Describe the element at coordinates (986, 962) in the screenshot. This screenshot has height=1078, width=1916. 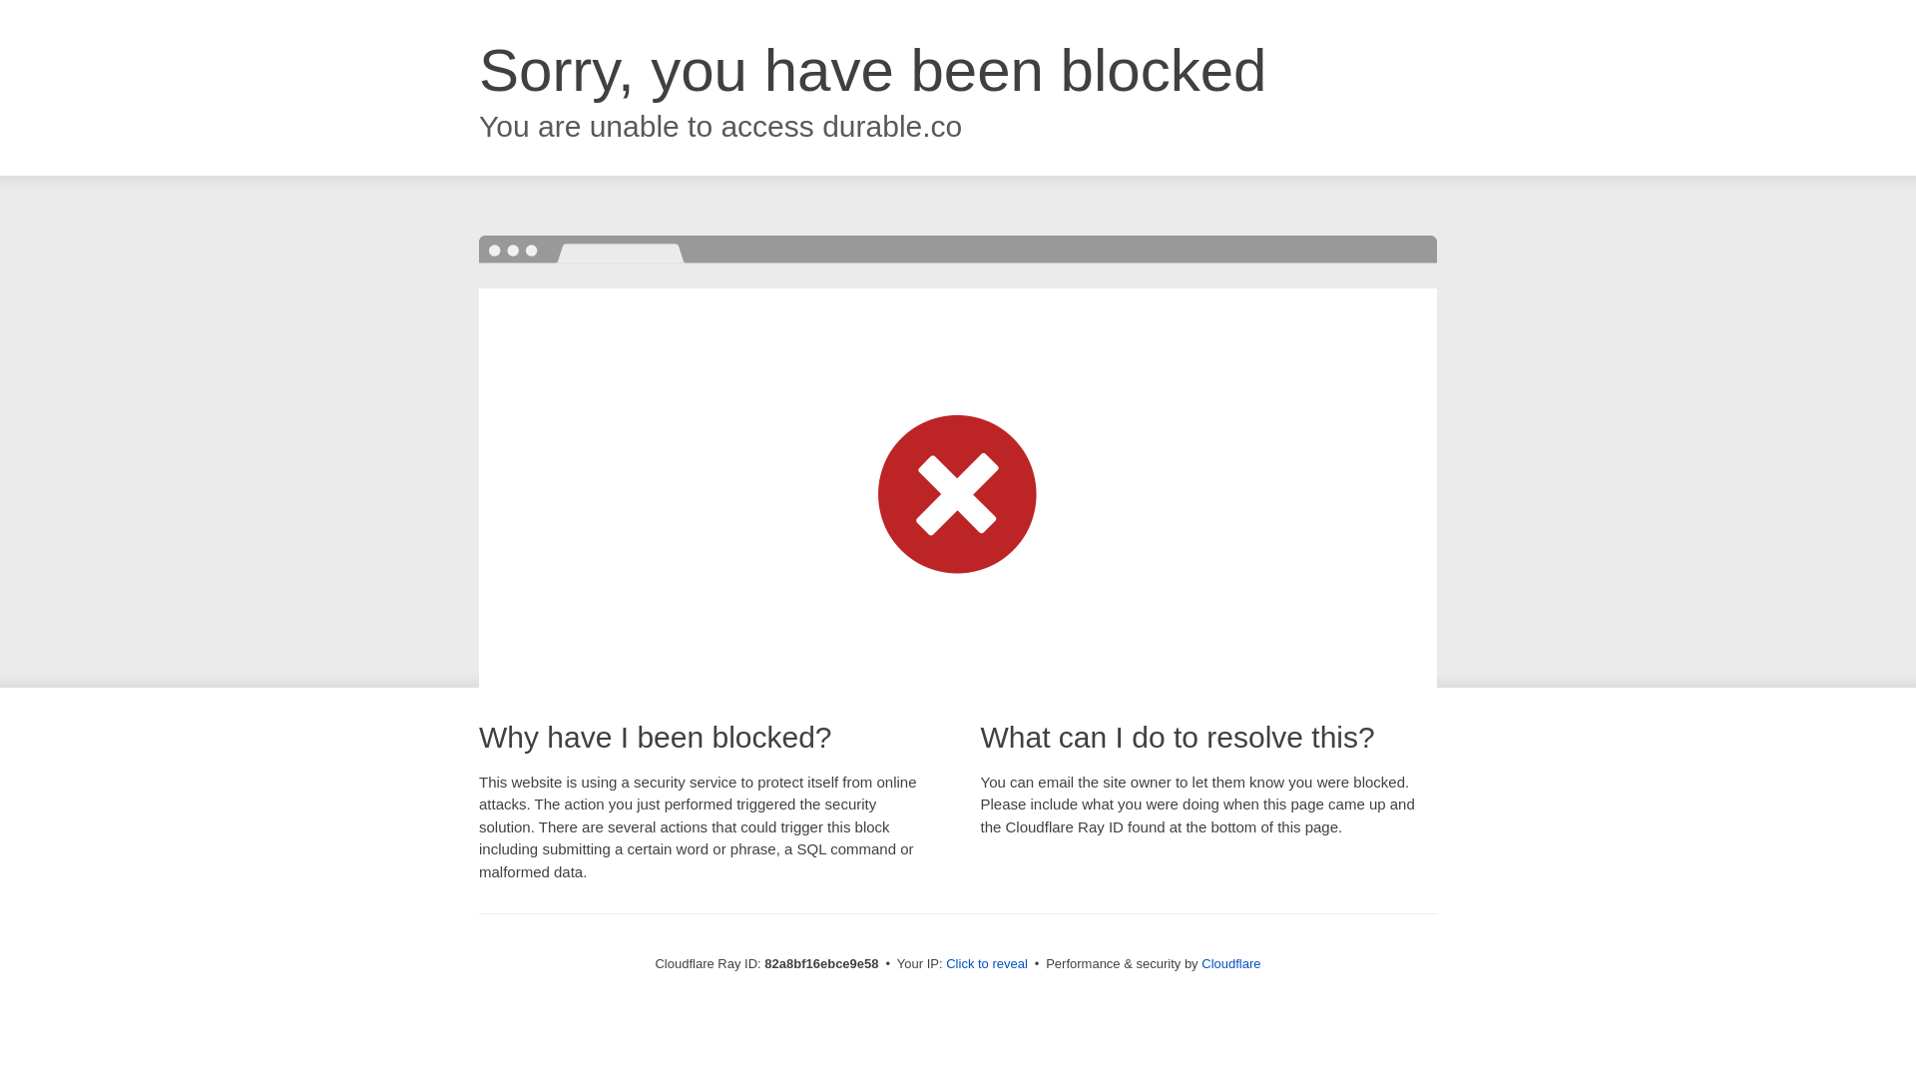
I see `'Click to reveal'` at that location.